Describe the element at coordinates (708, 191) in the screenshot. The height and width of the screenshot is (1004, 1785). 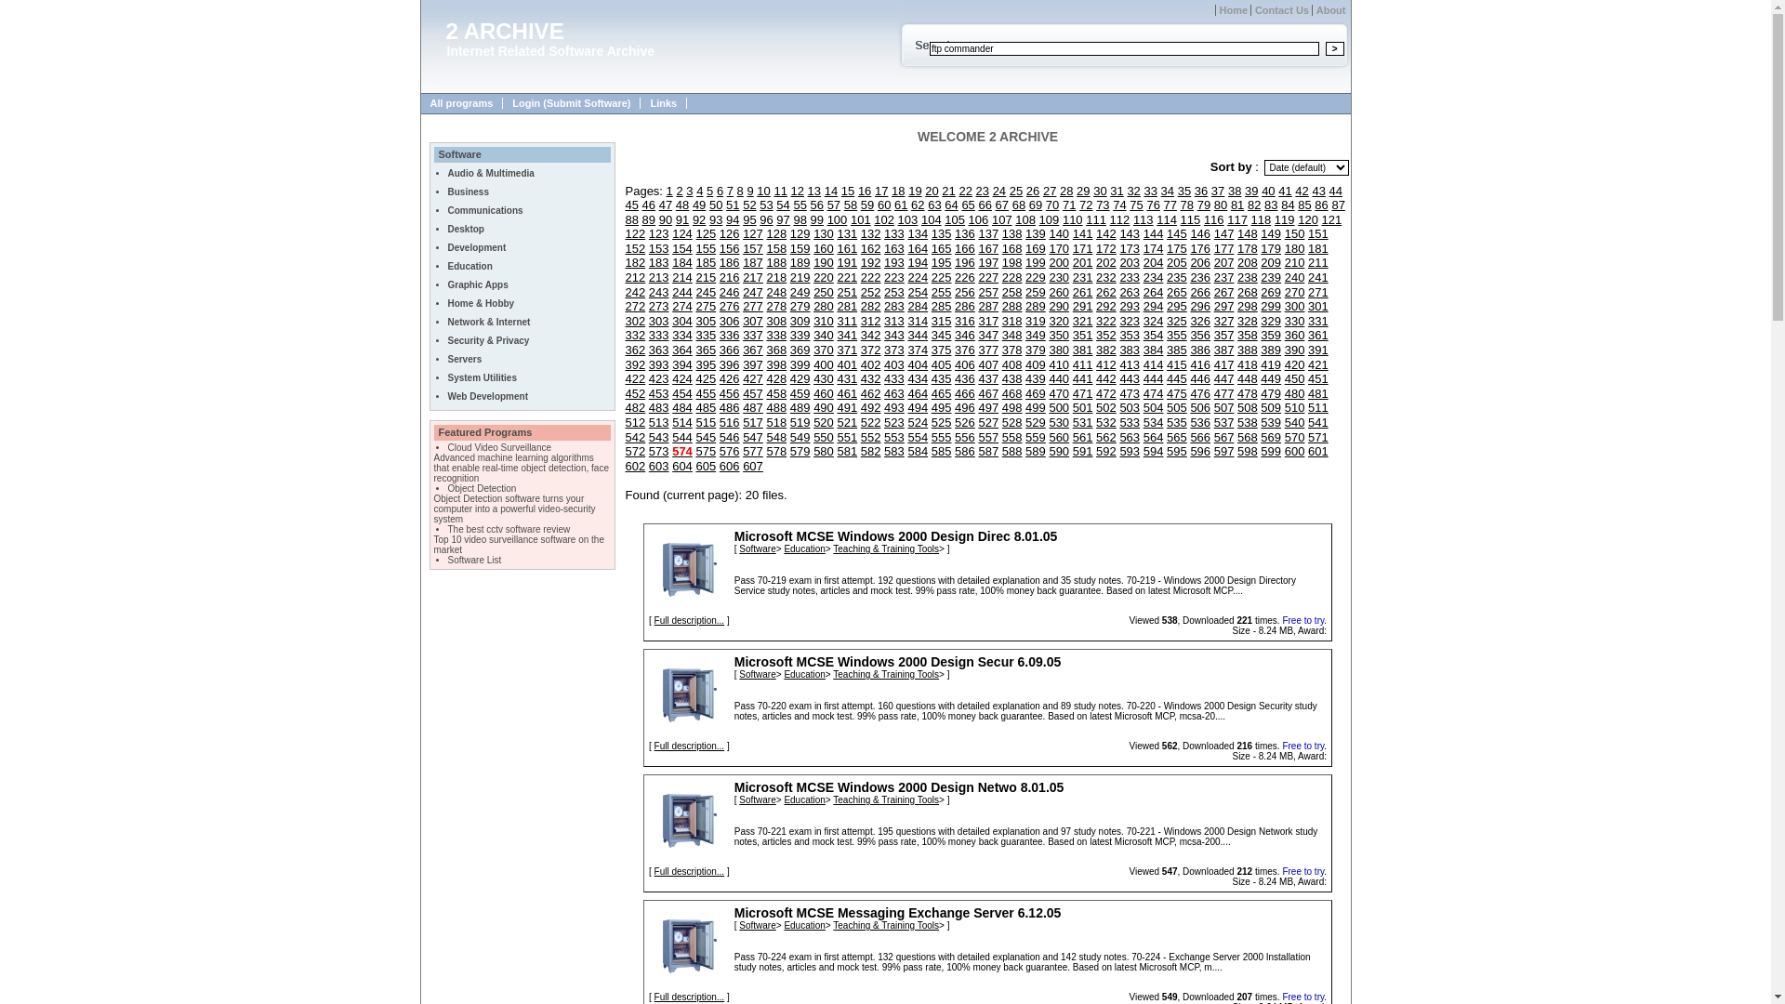
I see `'5'` at that location.